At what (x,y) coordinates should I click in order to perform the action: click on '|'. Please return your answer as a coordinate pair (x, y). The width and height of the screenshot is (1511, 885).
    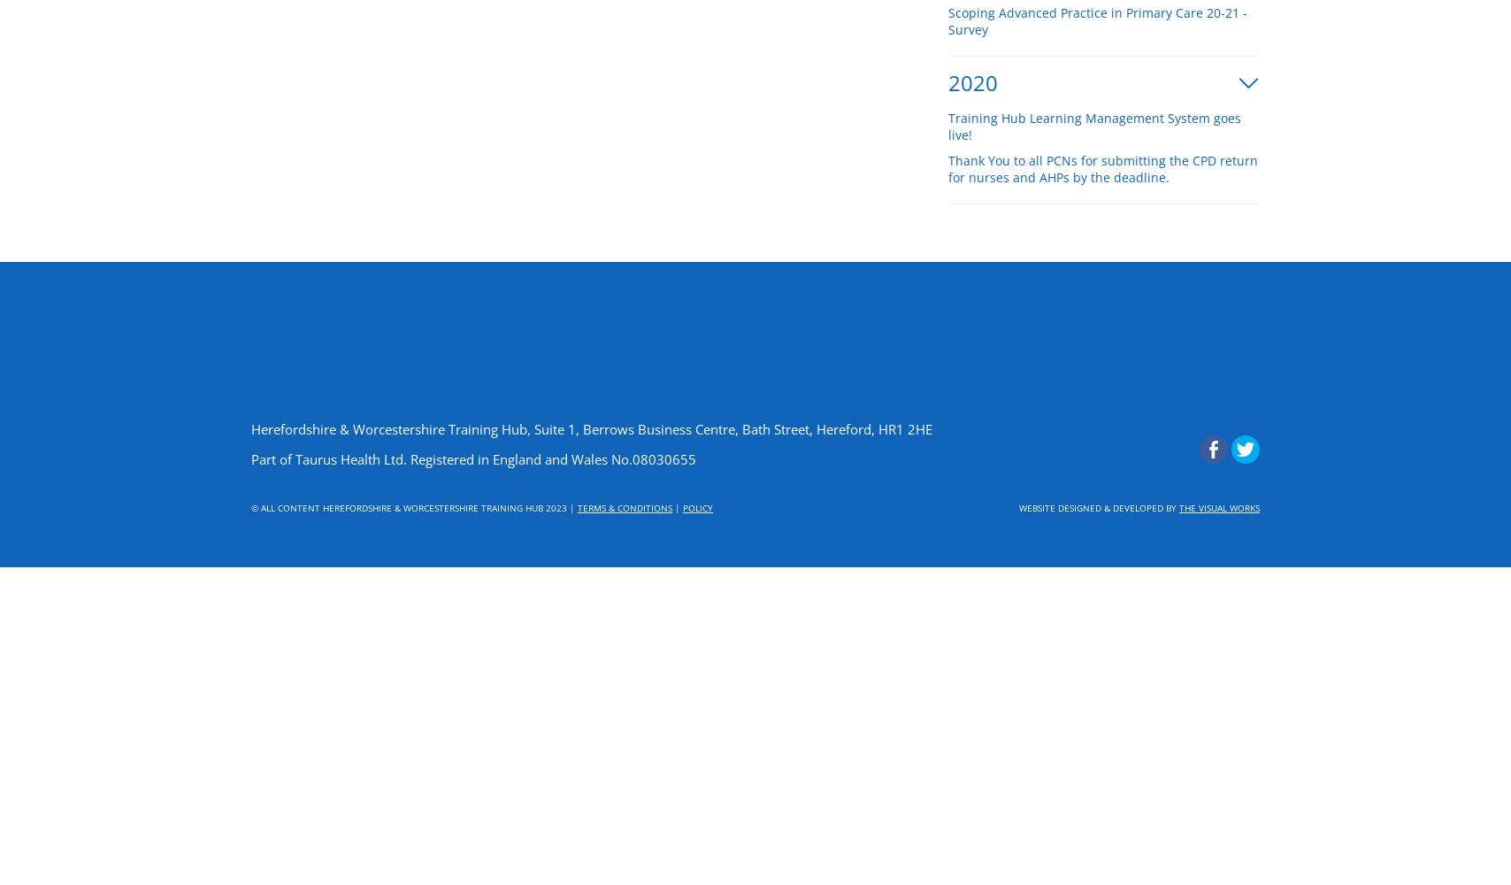
    Looking at the image, I should click on (678, 507).